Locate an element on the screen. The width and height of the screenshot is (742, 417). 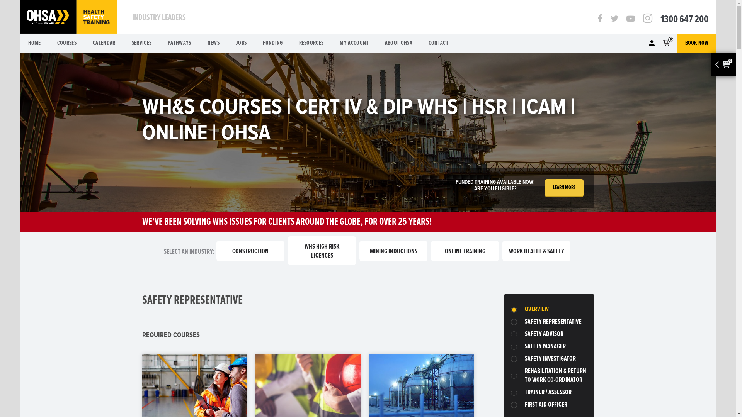
'RESOURCES' is located at coordinates (311, 43).